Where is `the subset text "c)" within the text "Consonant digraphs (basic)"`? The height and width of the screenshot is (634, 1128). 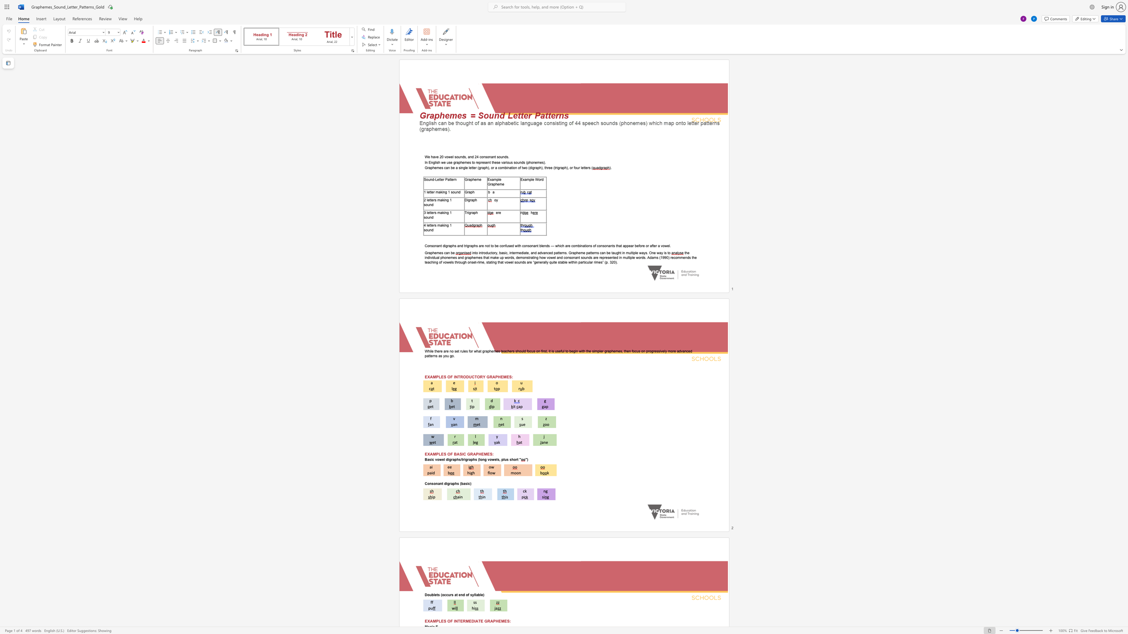
the subset text "c)" within the text "Consonant digraphs (basic)" is located at coordinates (468, 483).